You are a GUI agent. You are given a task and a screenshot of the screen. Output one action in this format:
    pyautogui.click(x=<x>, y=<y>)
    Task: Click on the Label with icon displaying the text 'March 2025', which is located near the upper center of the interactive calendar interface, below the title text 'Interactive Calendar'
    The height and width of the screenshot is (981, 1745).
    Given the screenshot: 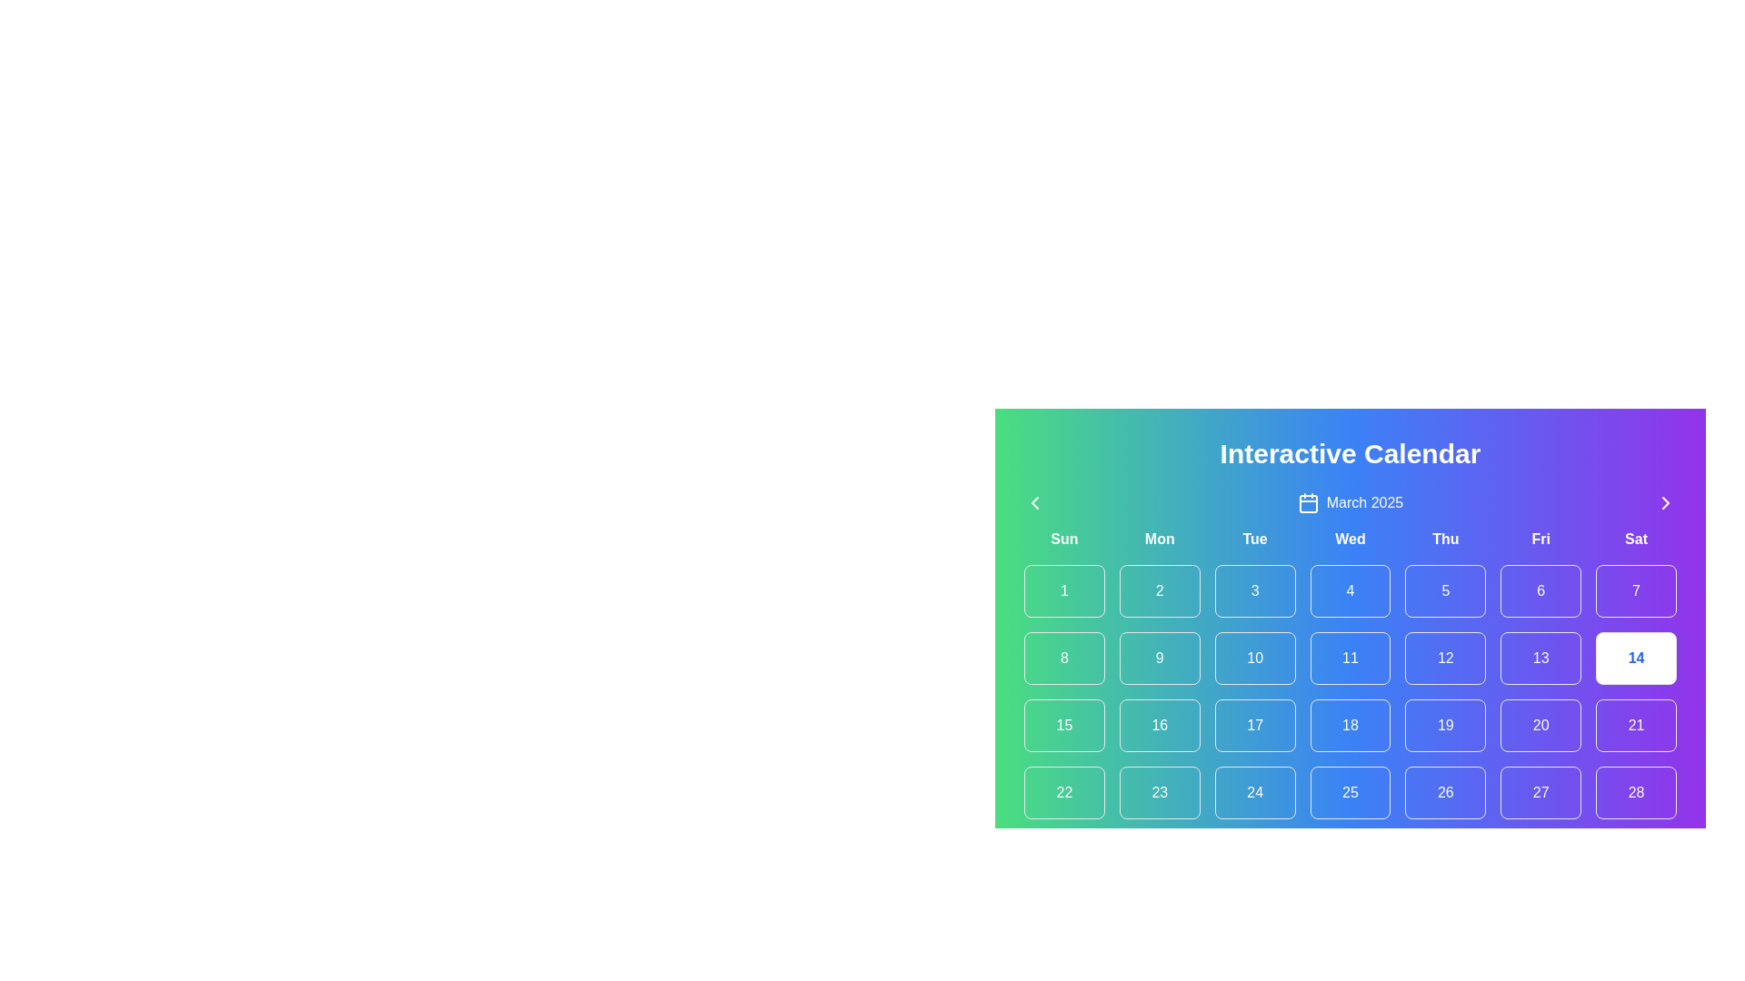 What is the action you would take?
    pyautogui.click(x=1351, y=503)
    